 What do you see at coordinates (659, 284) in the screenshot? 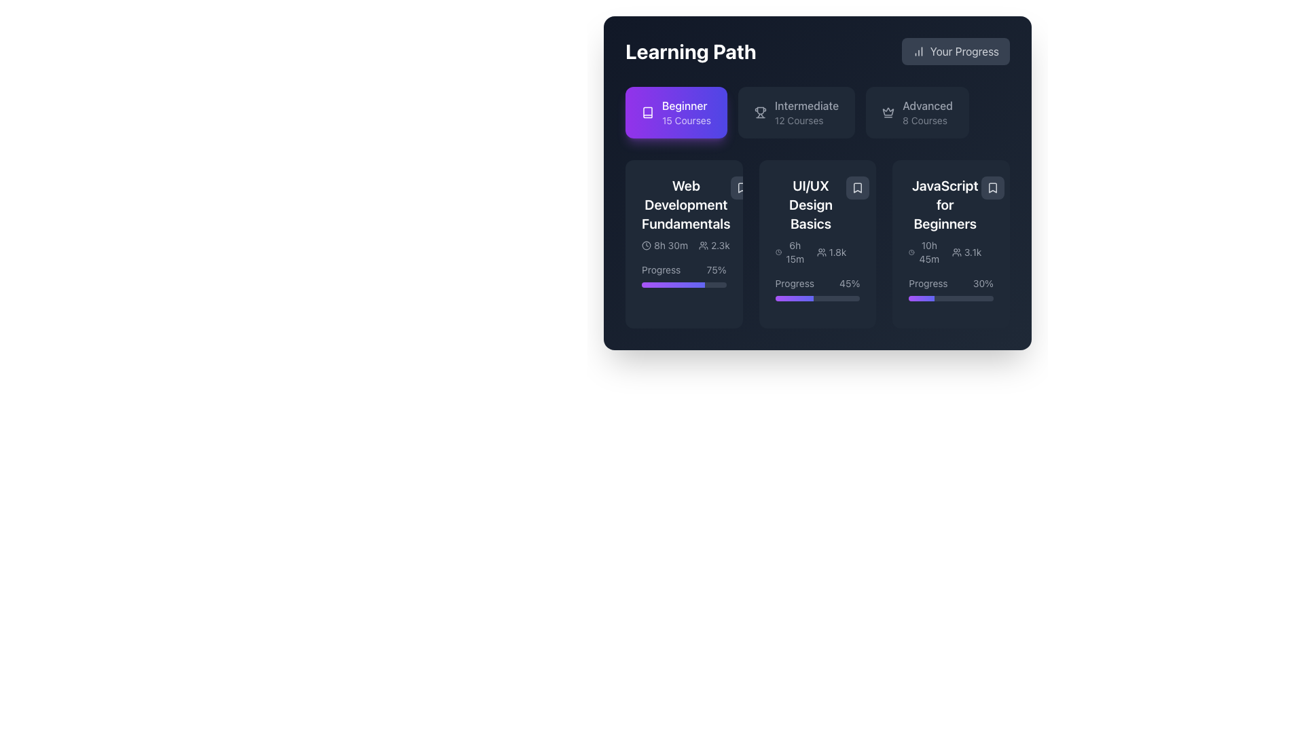
I see `the progress` at bounding box center [659, 284].